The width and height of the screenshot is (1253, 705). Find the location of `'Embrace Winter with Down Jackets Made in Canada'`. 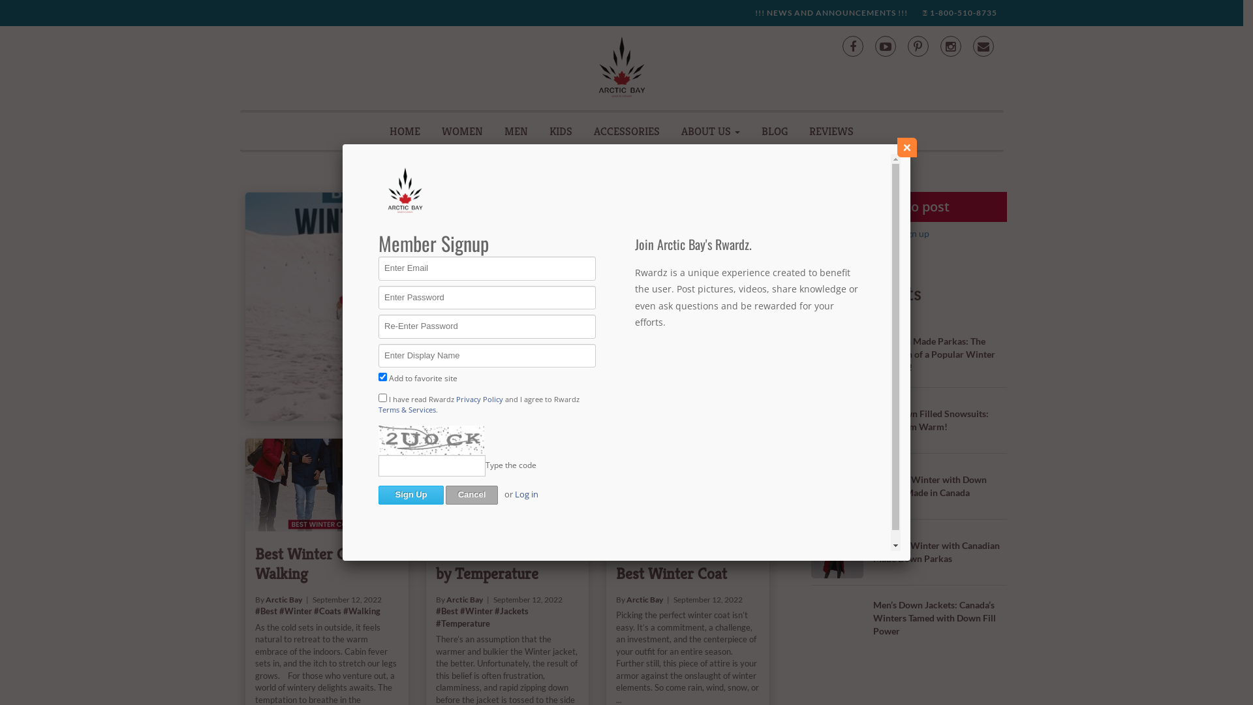

'Embrace Winter with Down Jackets Made in Canada' is located at coordinates (929, 486).